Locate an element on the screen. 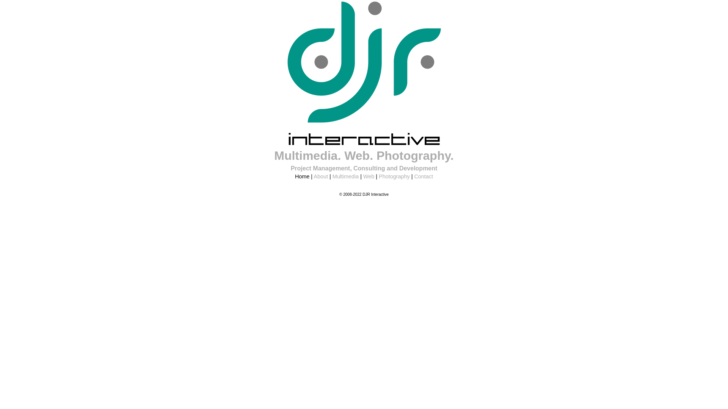 The width and height of the screenshot is (728, 409). 'Contact' is located at coordinates (423, 176).